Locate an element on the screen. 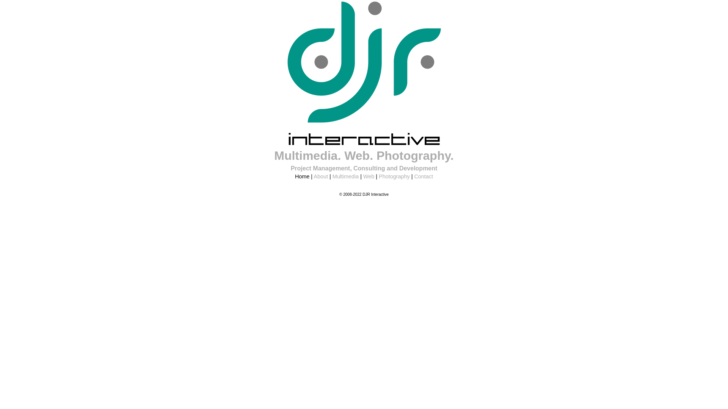 The width and height of the screenshot is (728, 409). 'Contact' is located at coordinates (423, 176).